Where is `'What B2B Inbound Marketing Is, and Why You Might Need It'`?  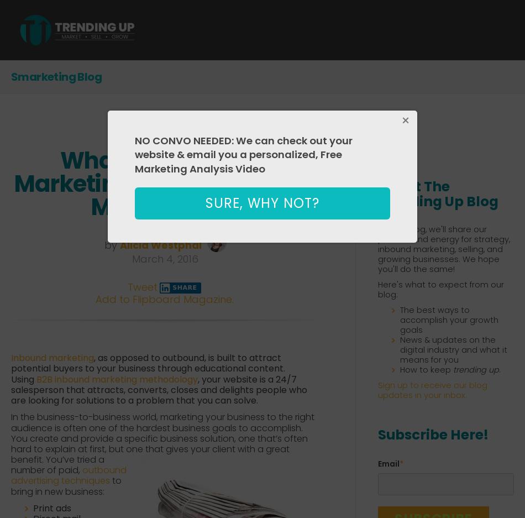
'What B2B Inbound Marketing Is, and Why You Might Need It' is located at coordinates (164, 184).